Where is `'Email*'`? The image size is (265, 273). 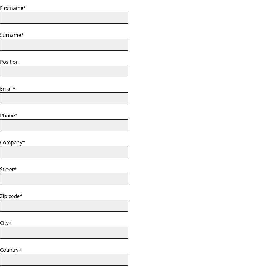 'Email*' is located at coordinates (7, 88).